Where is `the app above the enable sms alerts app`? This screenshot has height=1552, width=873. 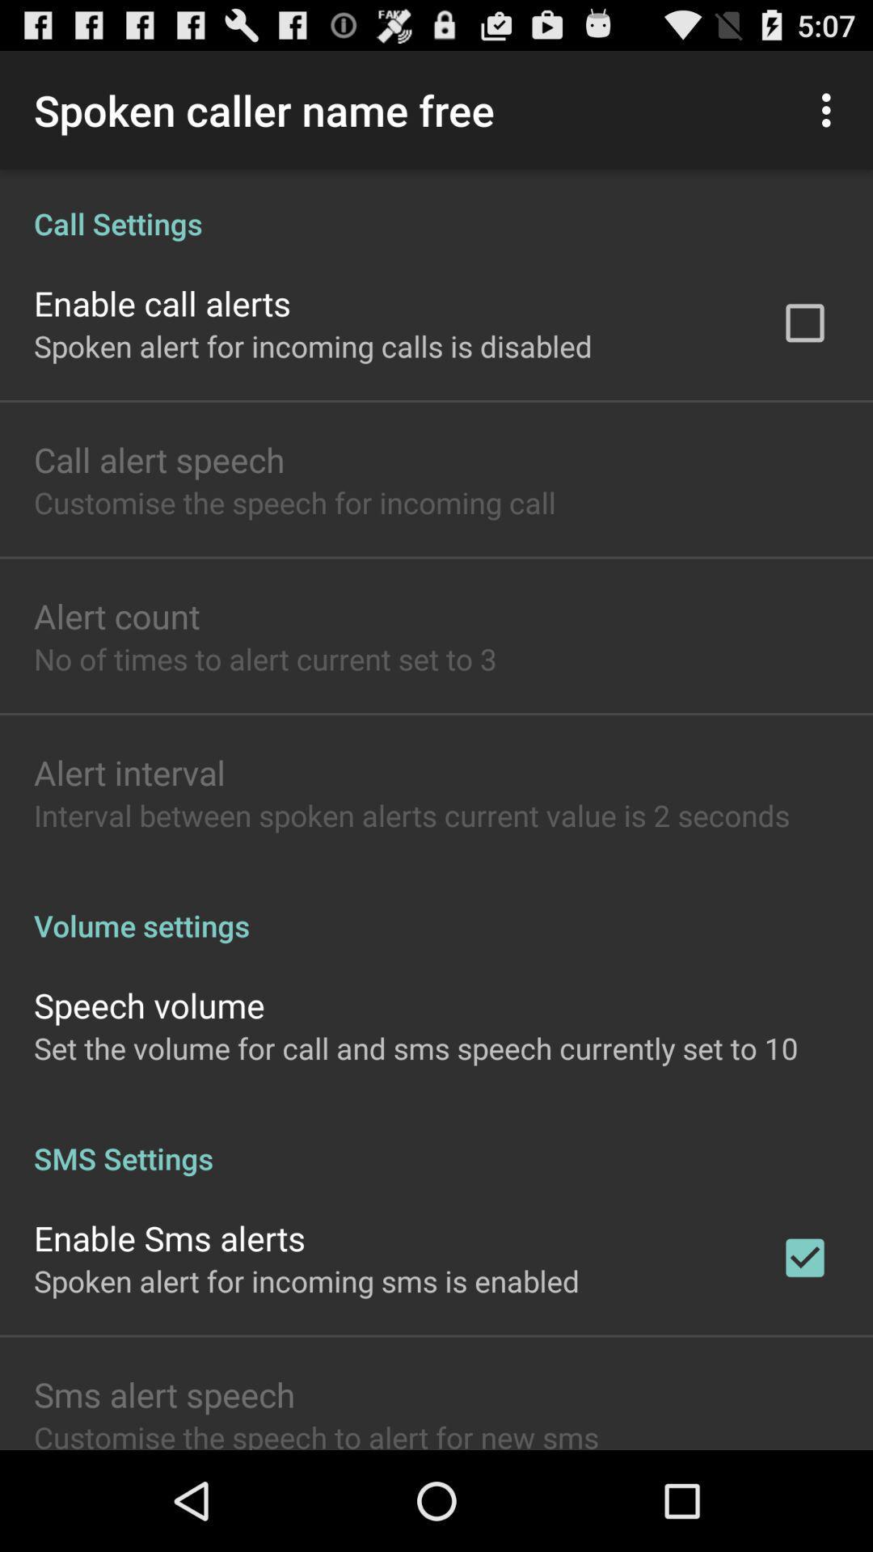 the app above the enable sms alerts app is located at coordinates (436, 1141).